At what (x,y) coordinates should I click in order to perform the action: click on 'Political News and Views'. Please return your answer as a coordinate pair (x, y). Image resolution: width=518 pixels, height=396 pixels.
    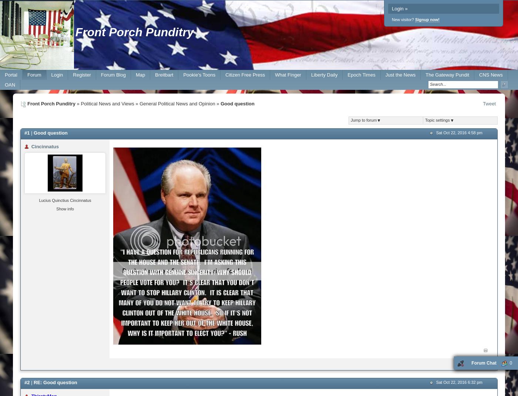
    Looking at the image, I should click on (107, 104).